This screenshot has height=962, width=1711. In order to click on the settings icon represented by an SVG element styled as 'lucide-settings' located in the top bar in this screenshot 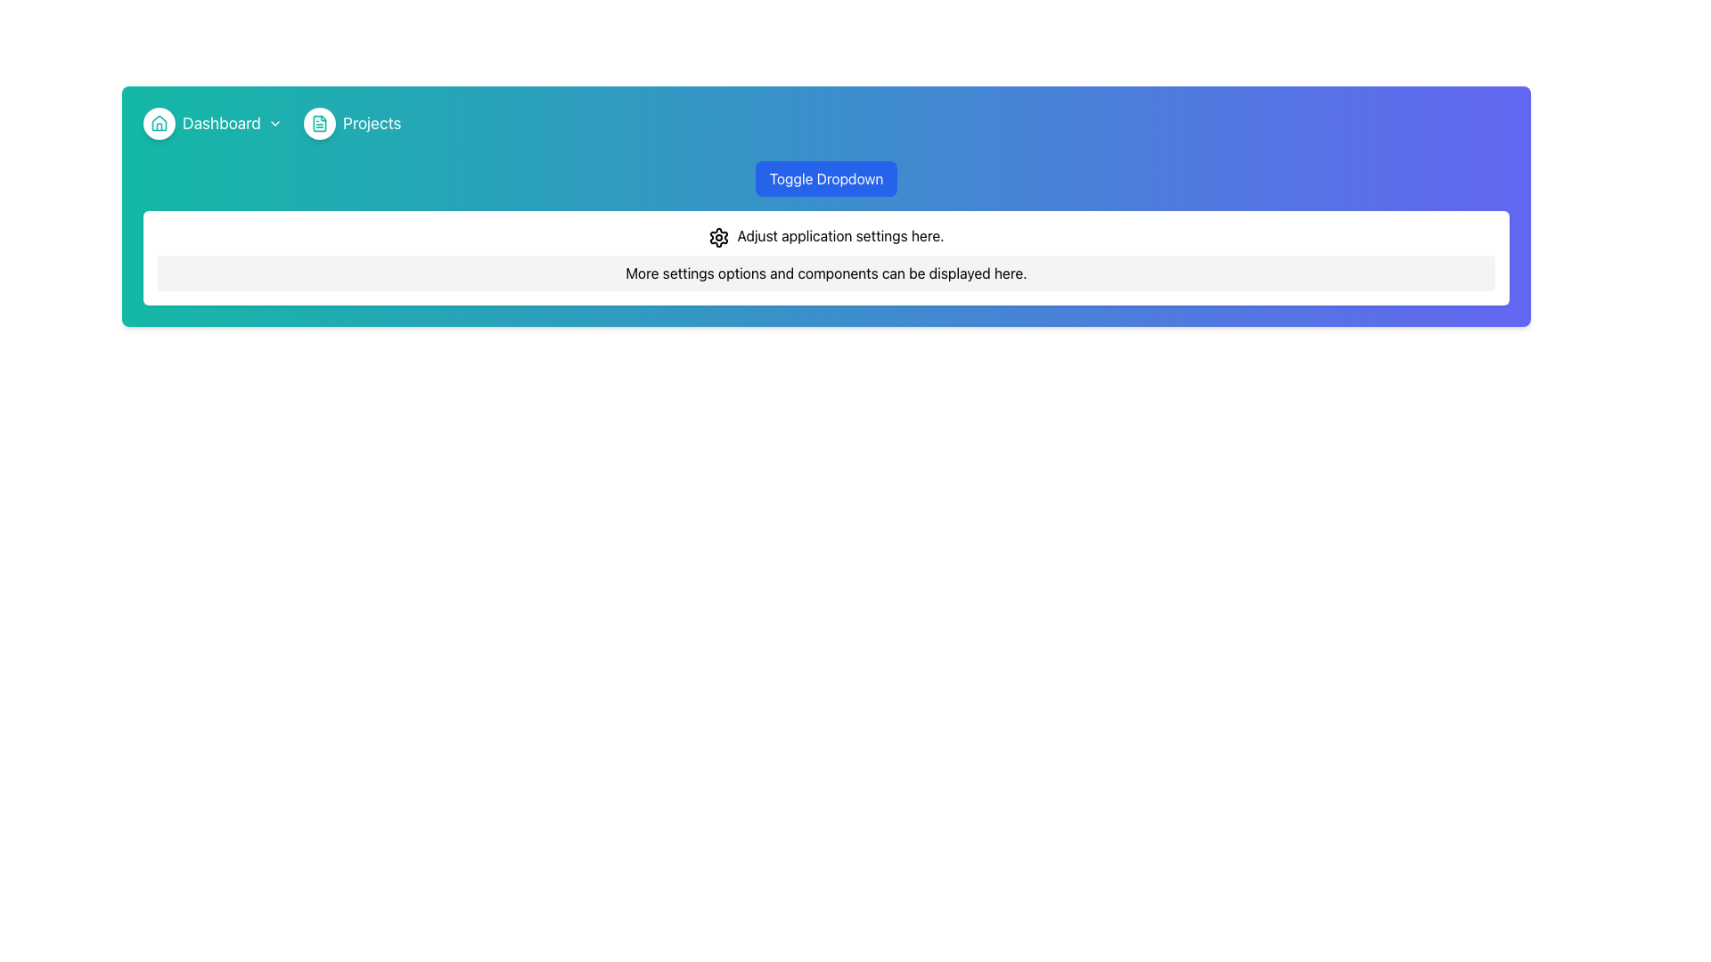, I will do `click(719, 236)`.